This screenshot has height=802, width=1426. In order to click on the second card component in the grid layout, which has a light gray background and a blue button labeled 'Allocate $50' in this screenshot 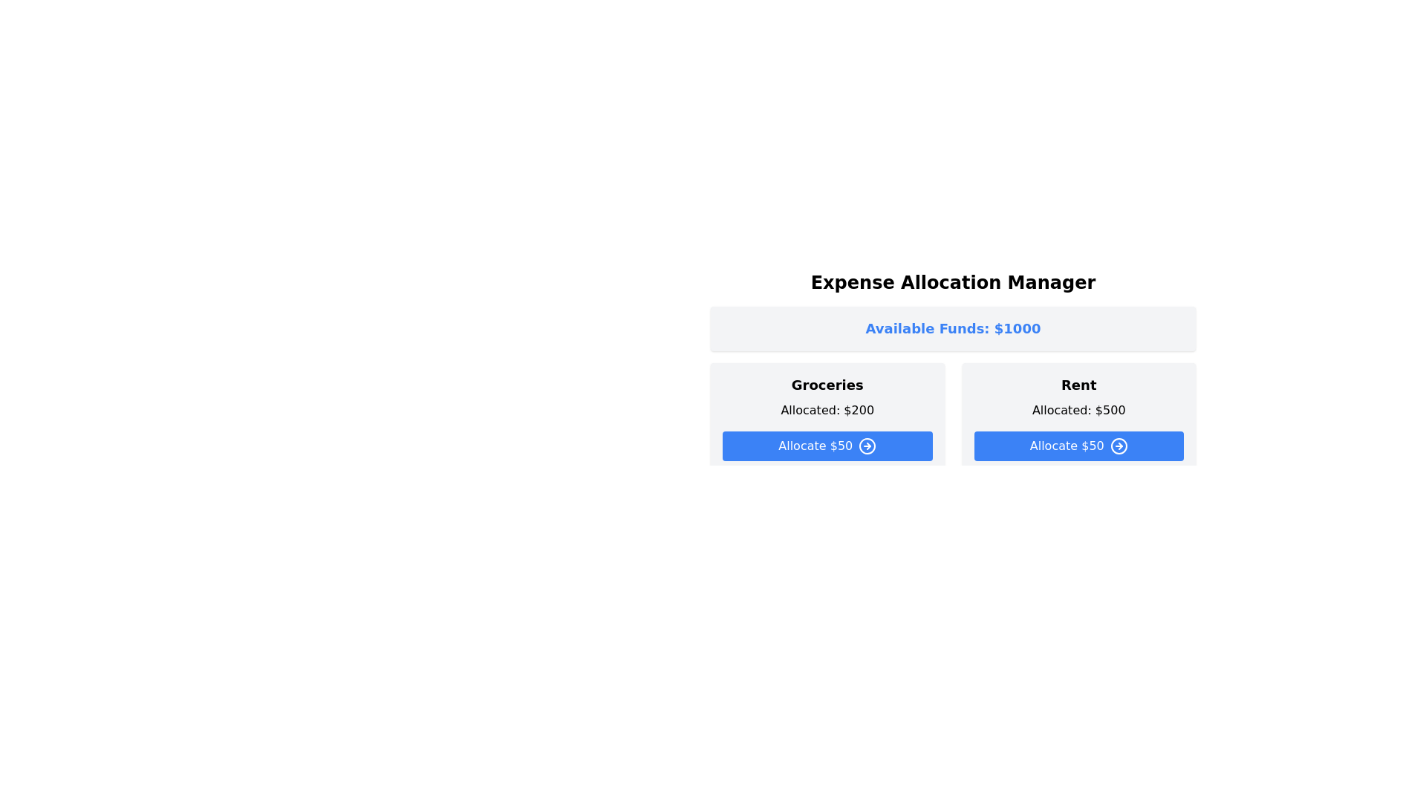, I will do `click(1078, 418)`.